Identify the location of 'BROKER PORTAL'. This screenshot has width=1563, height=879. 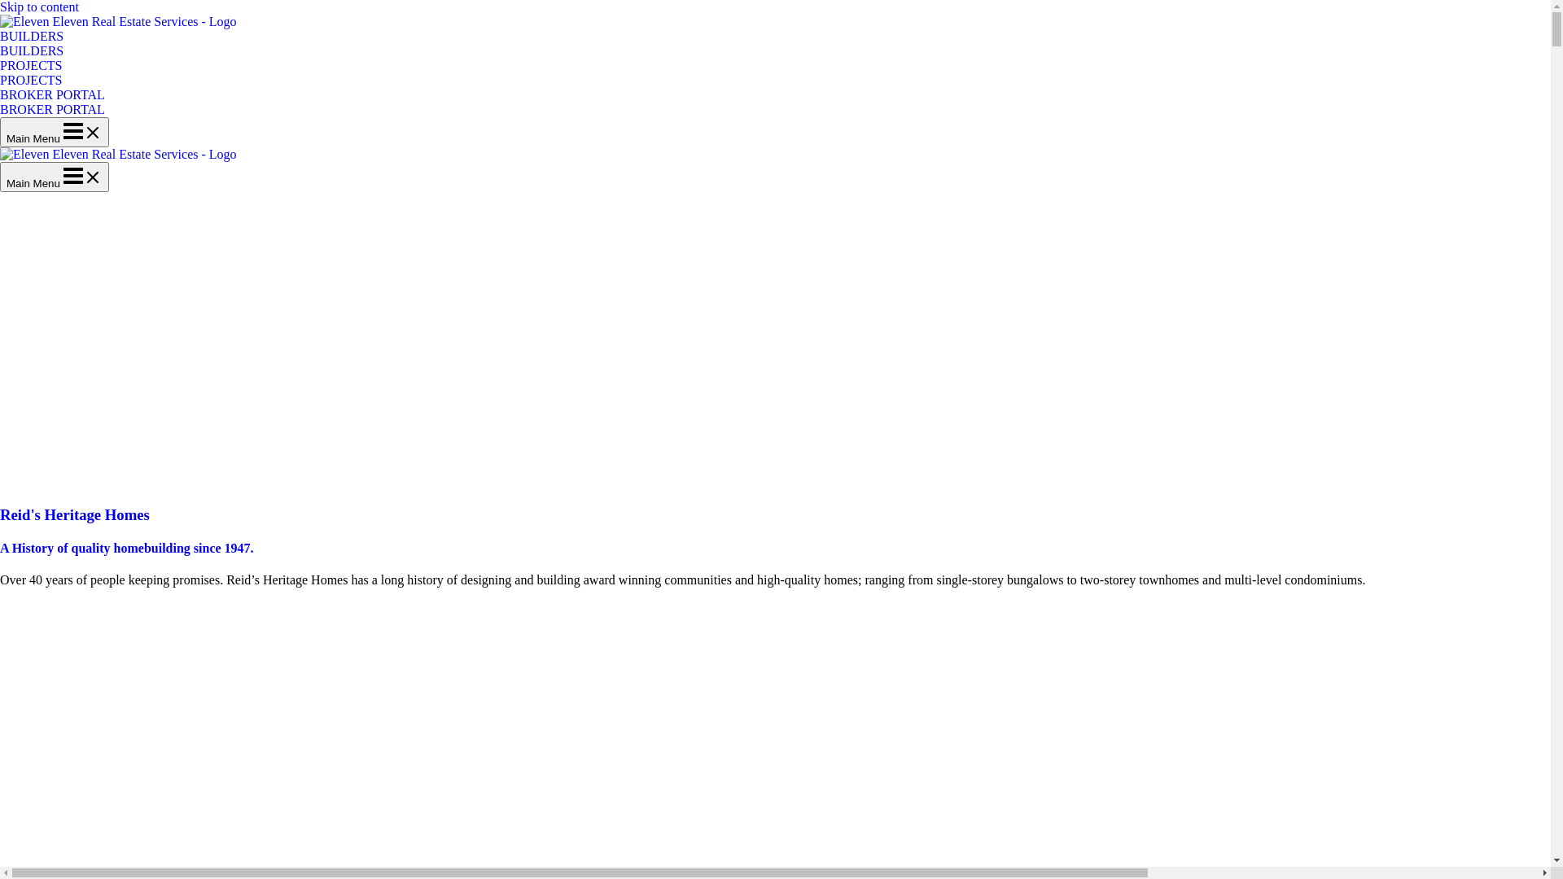
(52, 109).